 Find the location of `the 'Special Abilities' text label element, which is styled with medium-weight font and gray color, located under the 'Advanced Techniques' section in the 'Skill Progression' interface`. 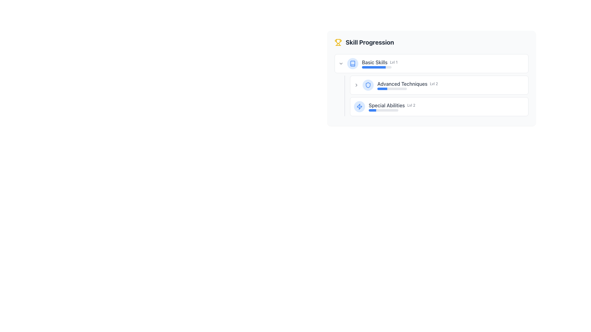

the 'Special Abilities' text label element, which is styled with medium-weight font and gray color, located under the 'Advanced Techniques' section in the 'Skill Progression' interface is located at coordinates (386, 105).